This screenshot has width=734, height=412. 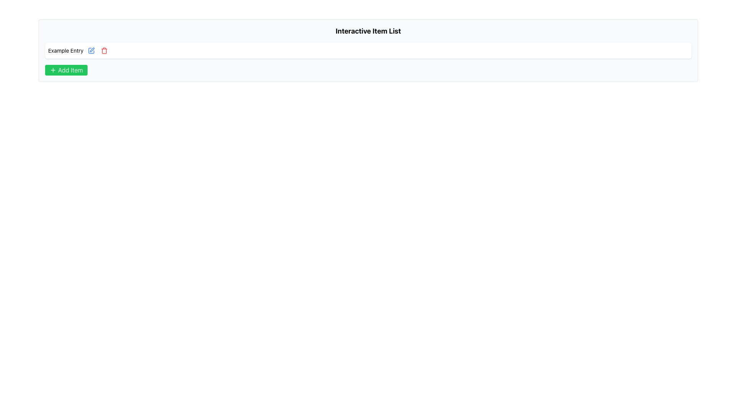 What do you see at coordinates (92, 50) in the screenshot?
I see `the editing button located to the left of the trash bin icon, associated with the 'Example Entry' text input` at bounding box center [92, 50].